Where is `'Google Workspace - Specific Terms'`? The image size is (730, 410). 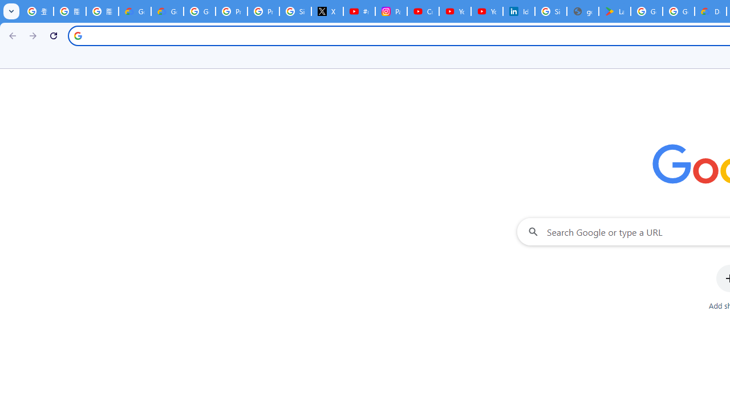 'Google Workspace - Specific Terms' is located at coordinates (679, 11).